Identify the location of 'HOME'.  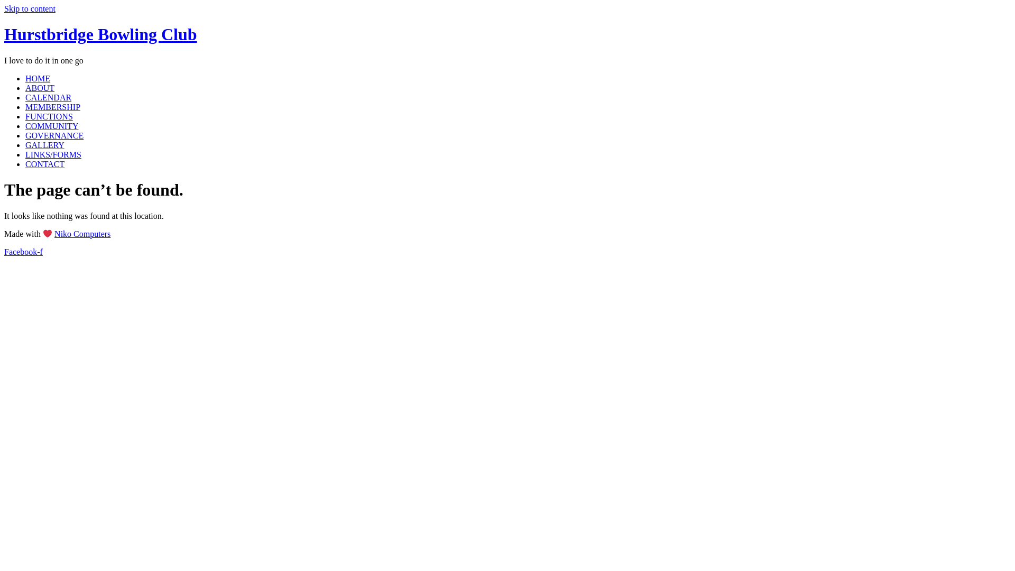
(38, 78).